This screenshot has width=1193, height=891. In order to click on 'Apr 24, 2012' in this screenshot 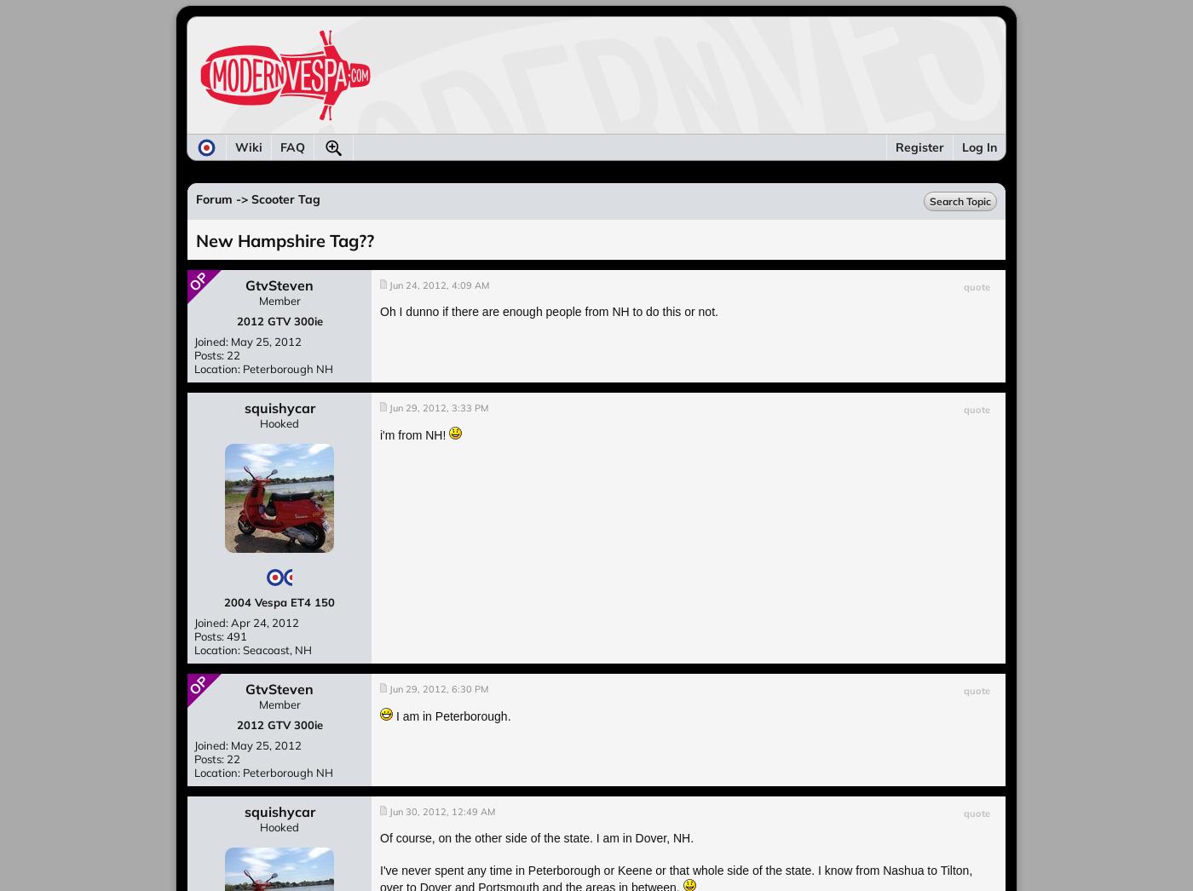, I will do `click(264, 623)`.